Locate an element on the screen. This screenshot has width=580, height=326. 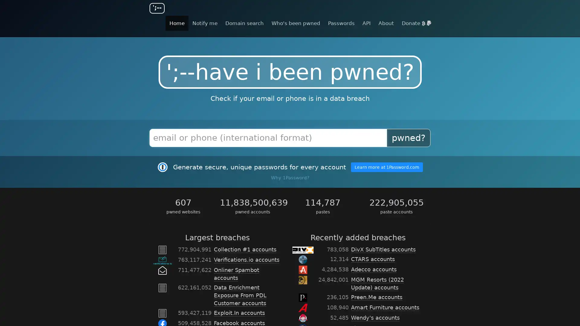
pwned? is located at coordinates (408, 137).